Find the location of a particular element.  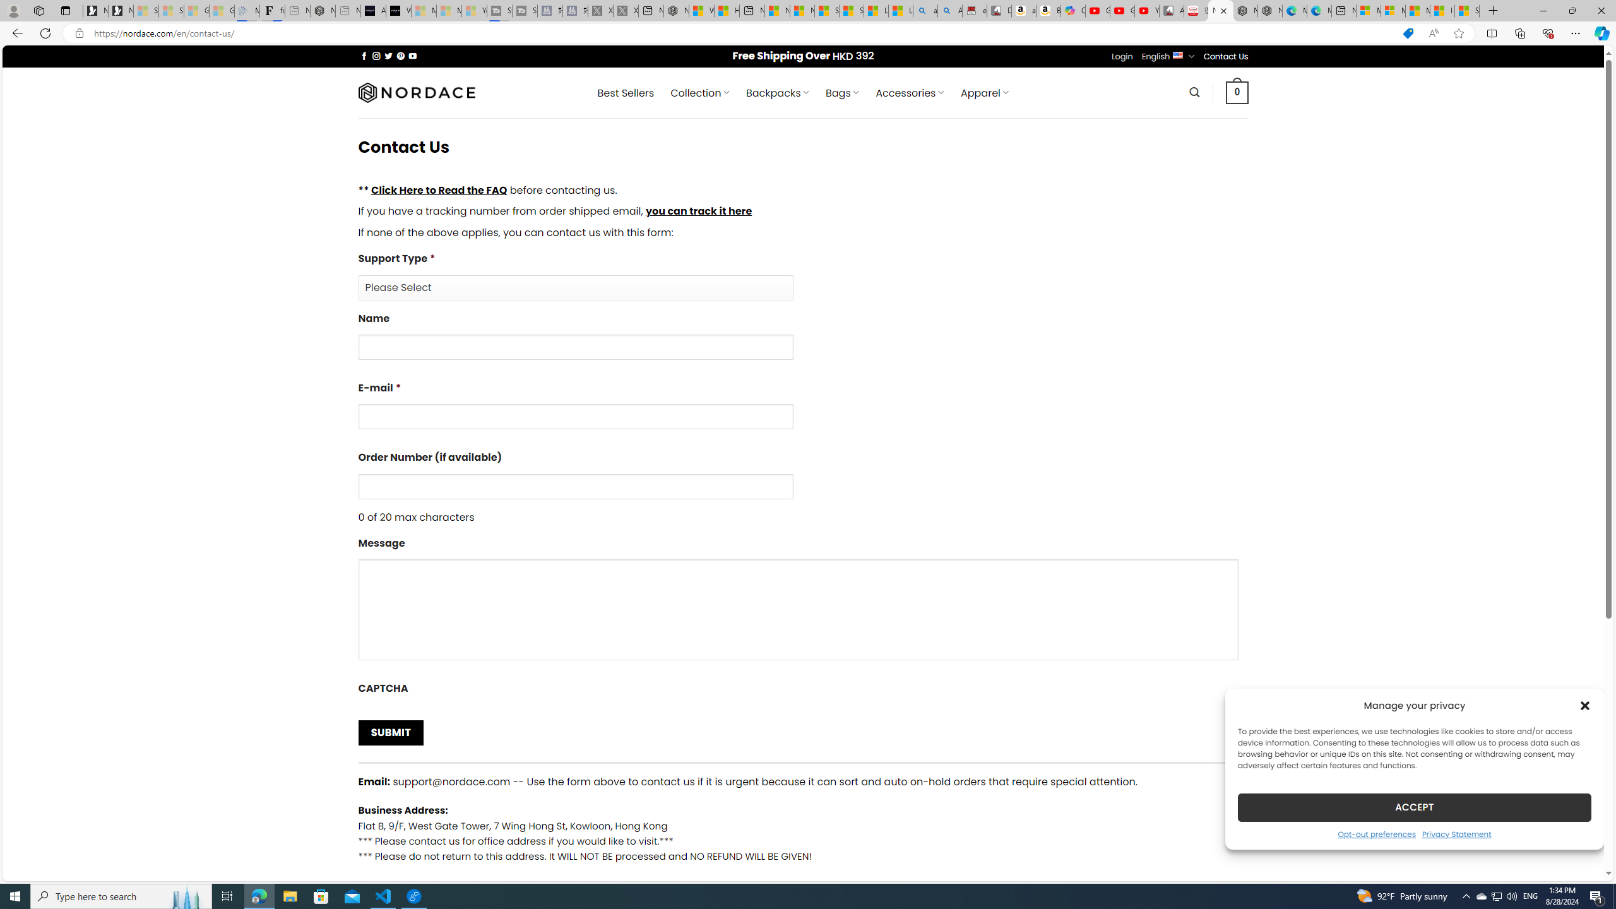

'Microsoft account | Privacy' is located at coordinates (1392, 10).